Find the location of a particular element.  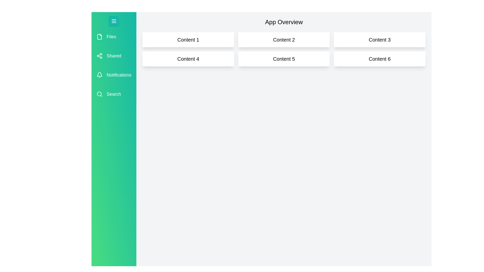

the navigation item Search from the drawer is located at coordinates (113, 94).